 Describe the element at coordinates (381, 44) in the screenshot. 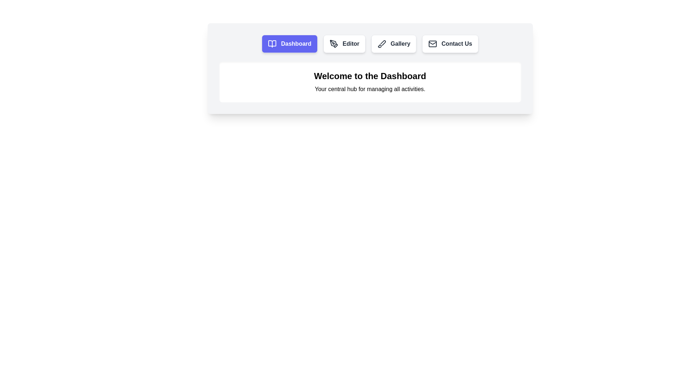

I see `the 'Gallery' button, which is the third button from the left in the menu bar` at that location.